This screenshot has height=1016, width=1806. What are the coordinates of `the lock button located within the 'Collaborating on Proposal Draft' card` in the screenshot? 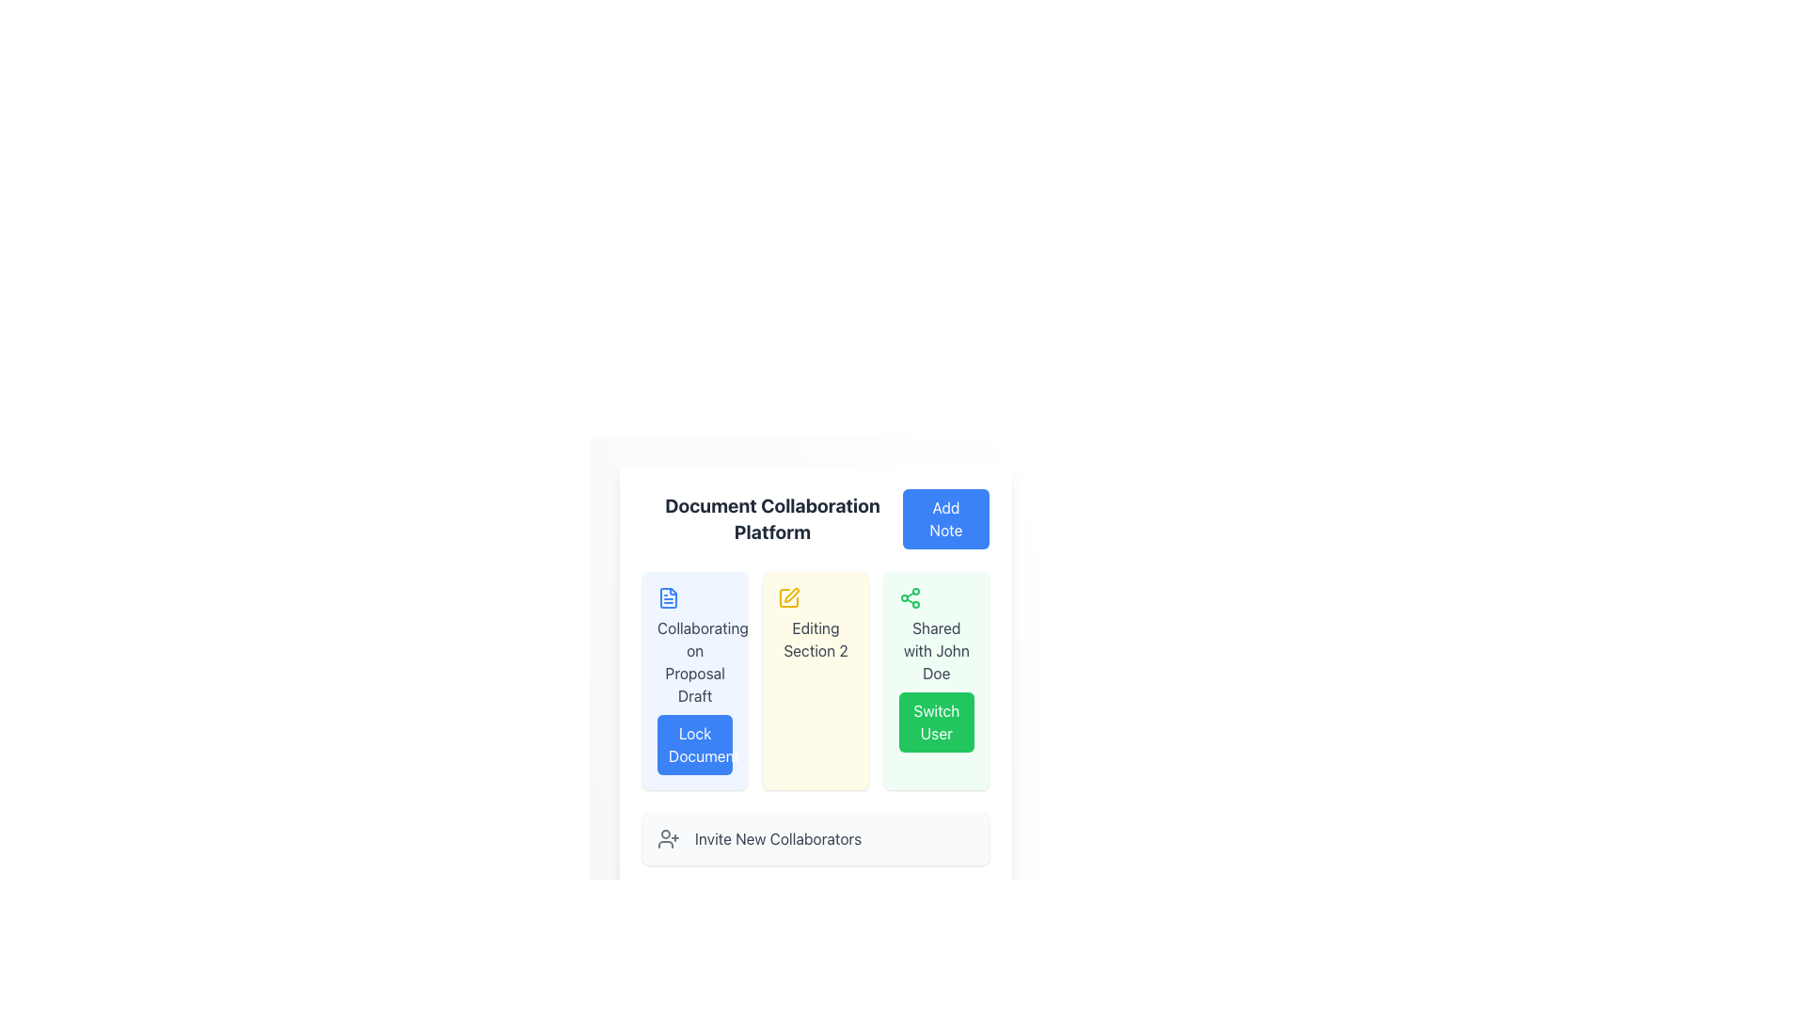 It's located at (694, 743).